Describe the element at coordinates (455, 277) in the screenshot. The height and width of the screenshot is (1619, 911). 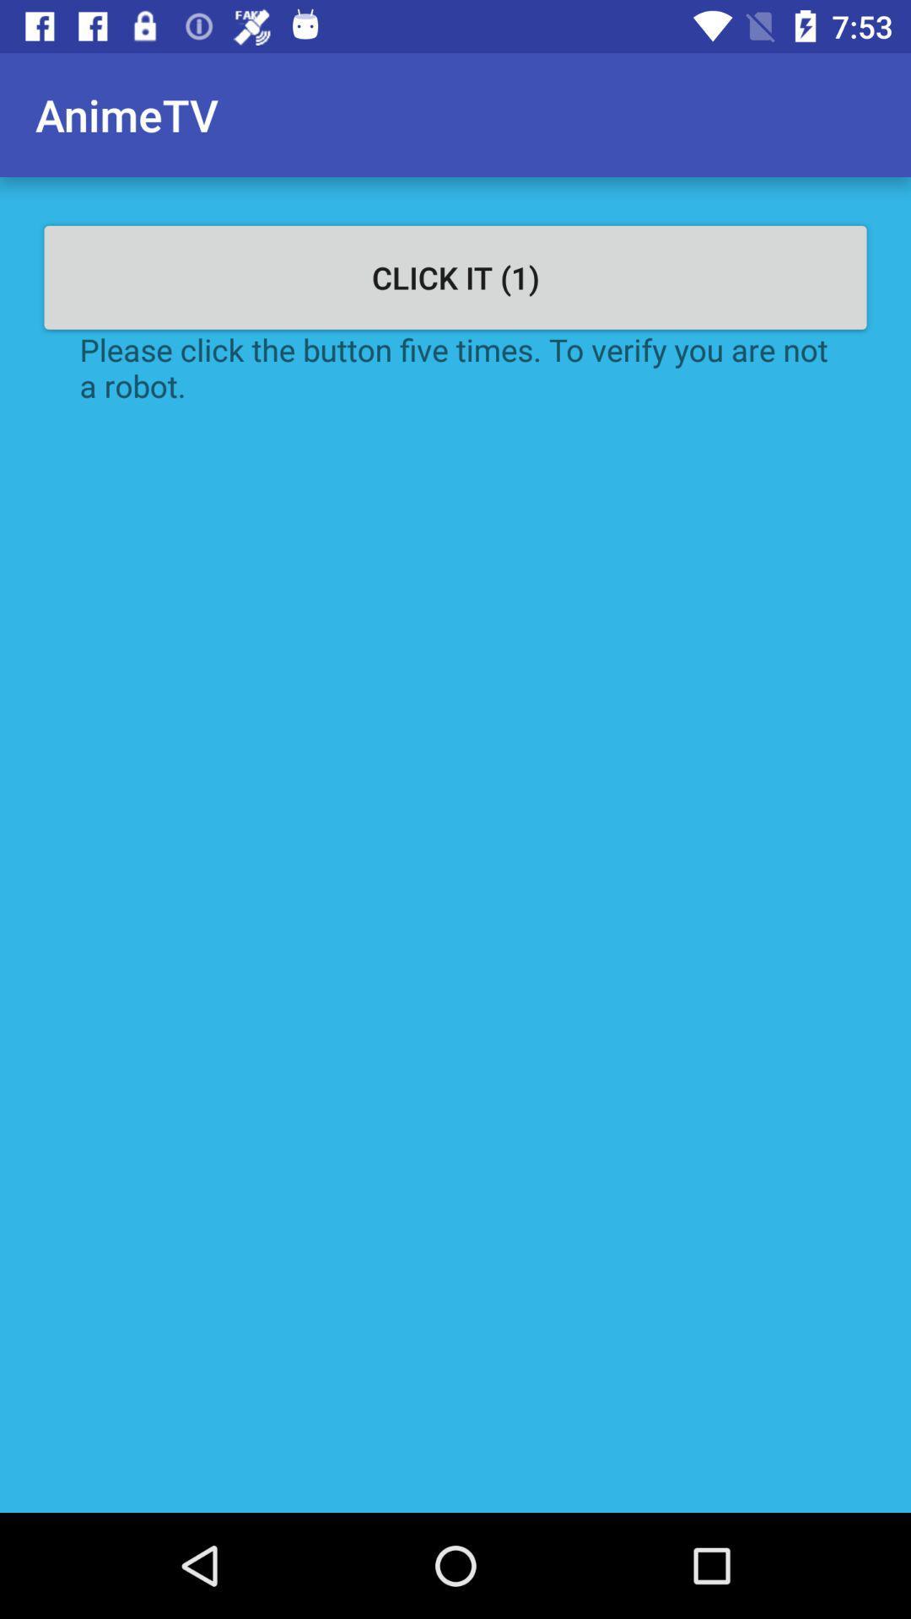
I see `click it (1) icon` at that location.